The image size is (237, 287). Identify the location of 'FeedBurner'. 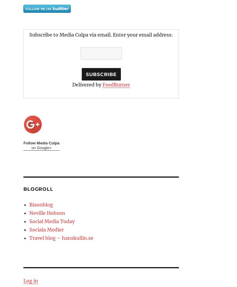
(116, 84).